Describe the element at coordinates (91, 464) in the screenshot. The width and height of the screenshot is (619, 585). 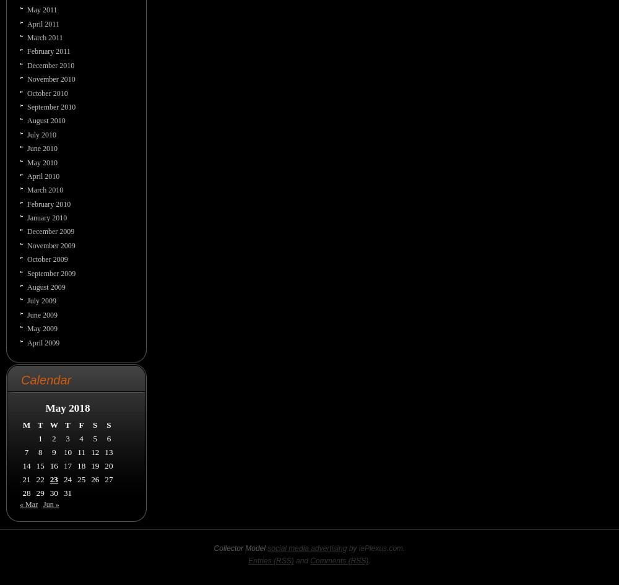
I see `'19'` at that location.